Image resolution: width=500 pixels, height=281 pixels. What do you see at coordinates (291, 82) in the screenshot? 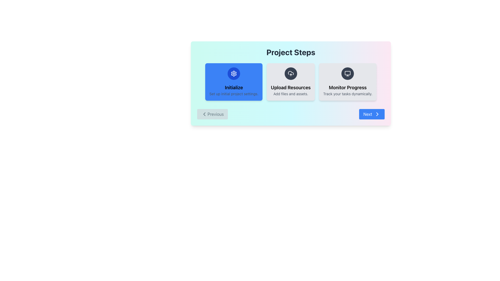
I see `the card representing the second step in the guided process` at bounding box center [291, 82].